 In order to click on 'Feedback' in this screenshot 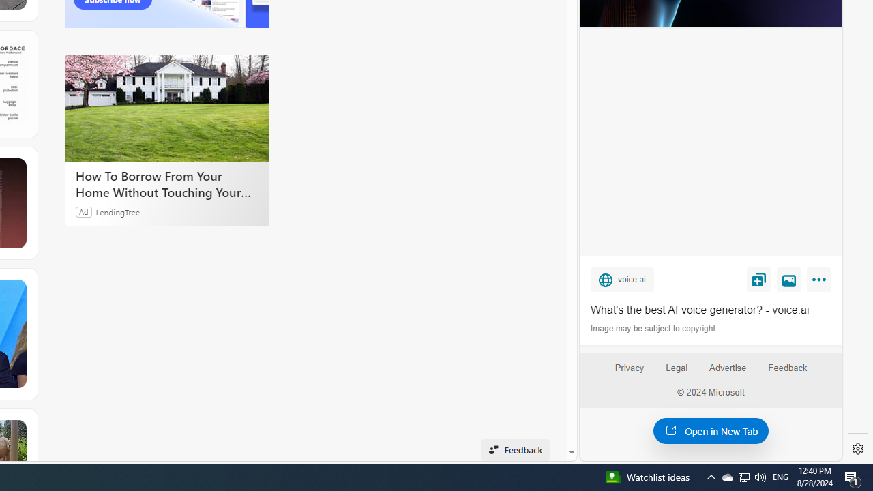, I will do `click(788, 373)`.